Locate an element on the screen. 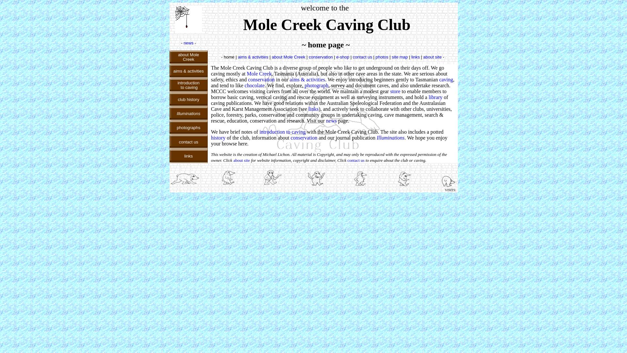 The width and height of the screenshot is (627, 353). 'news' is located at coordinates (331, 121).